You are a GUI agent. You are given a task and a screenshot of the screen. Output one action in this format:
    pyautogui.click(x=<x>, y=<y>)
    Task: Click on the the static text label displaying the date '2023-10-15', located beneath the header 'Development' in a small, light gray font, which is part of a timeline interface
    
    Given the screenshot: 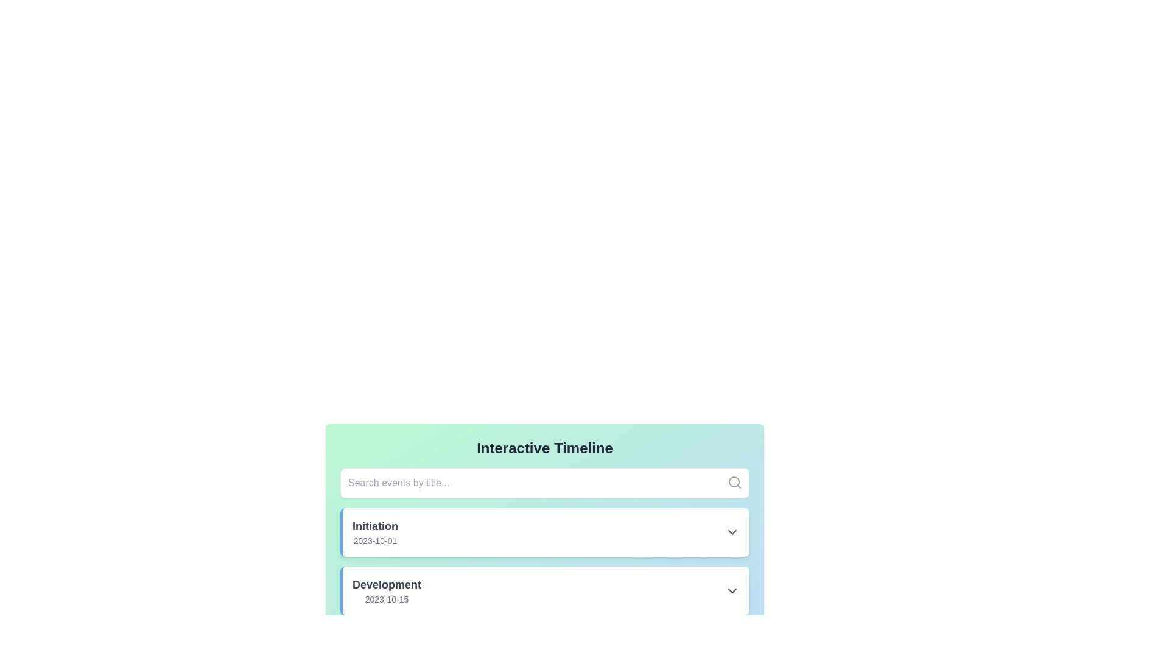 What is the action you would take?
    pyautogui.click(x=386, y=598)
    